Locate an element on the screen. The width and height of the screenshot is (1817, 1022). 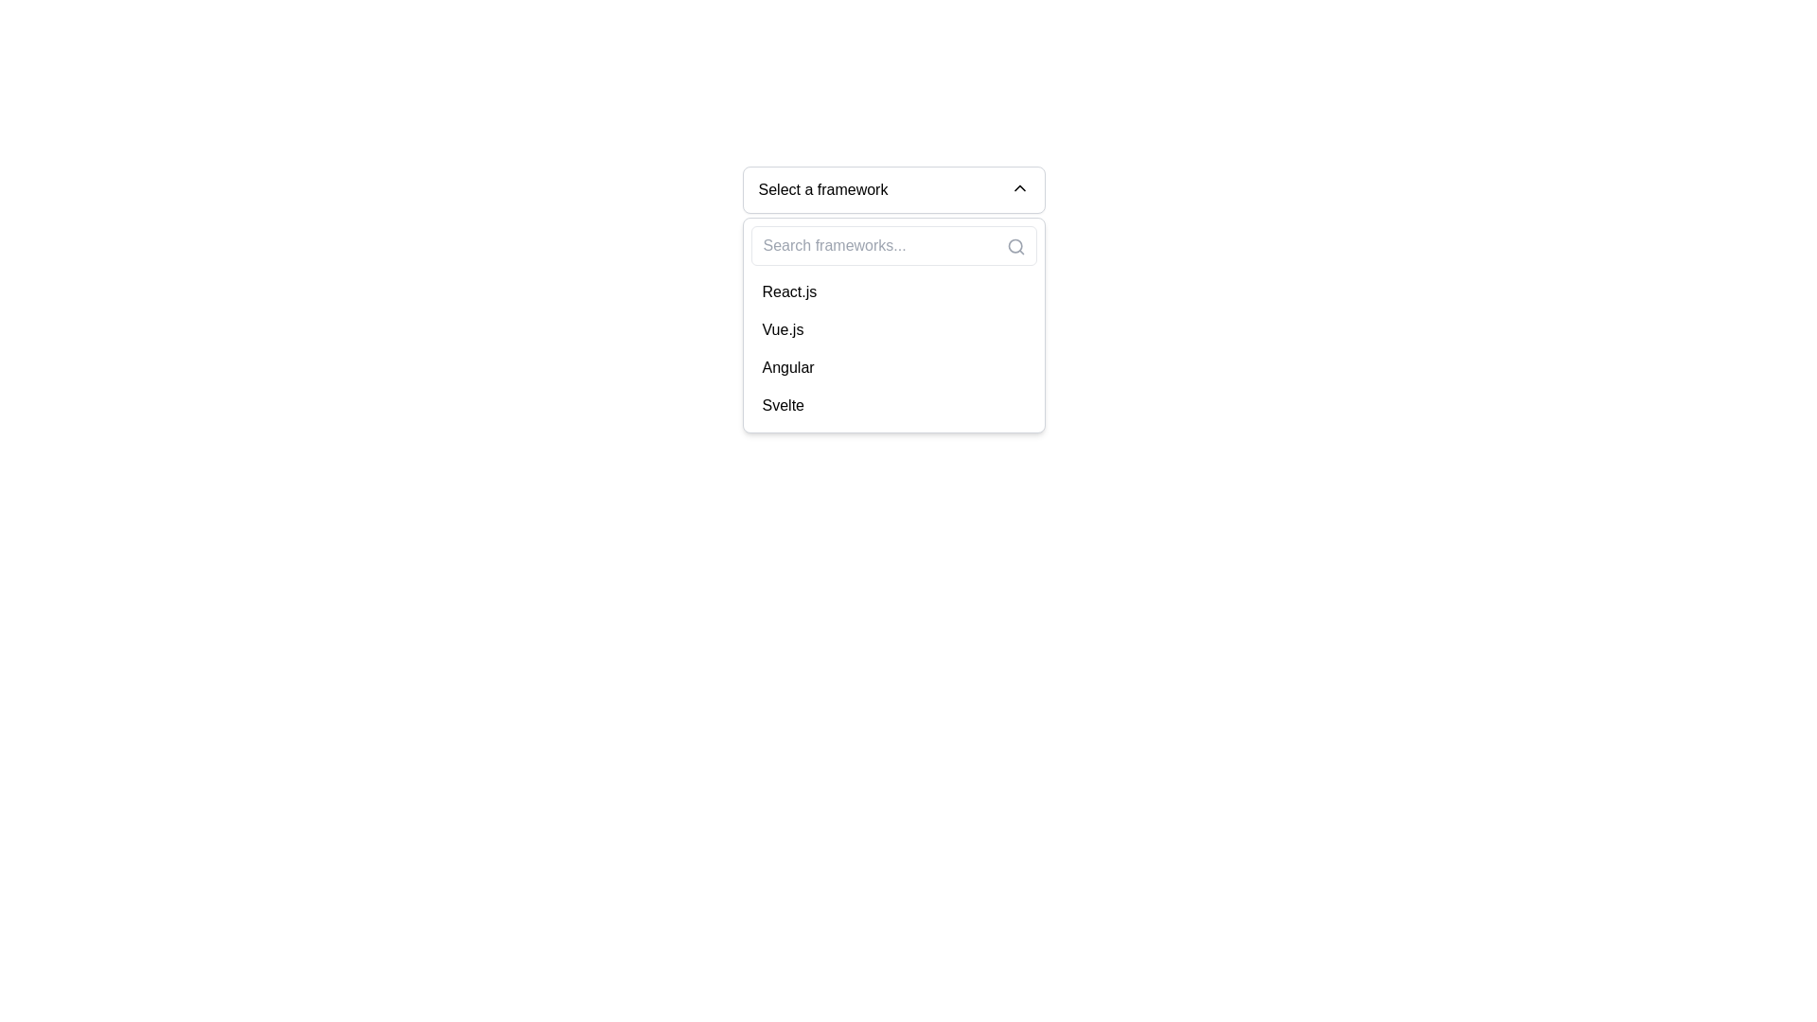
the 'Svelte' text item in the dropdown menu is located at coordinates (783, 404).